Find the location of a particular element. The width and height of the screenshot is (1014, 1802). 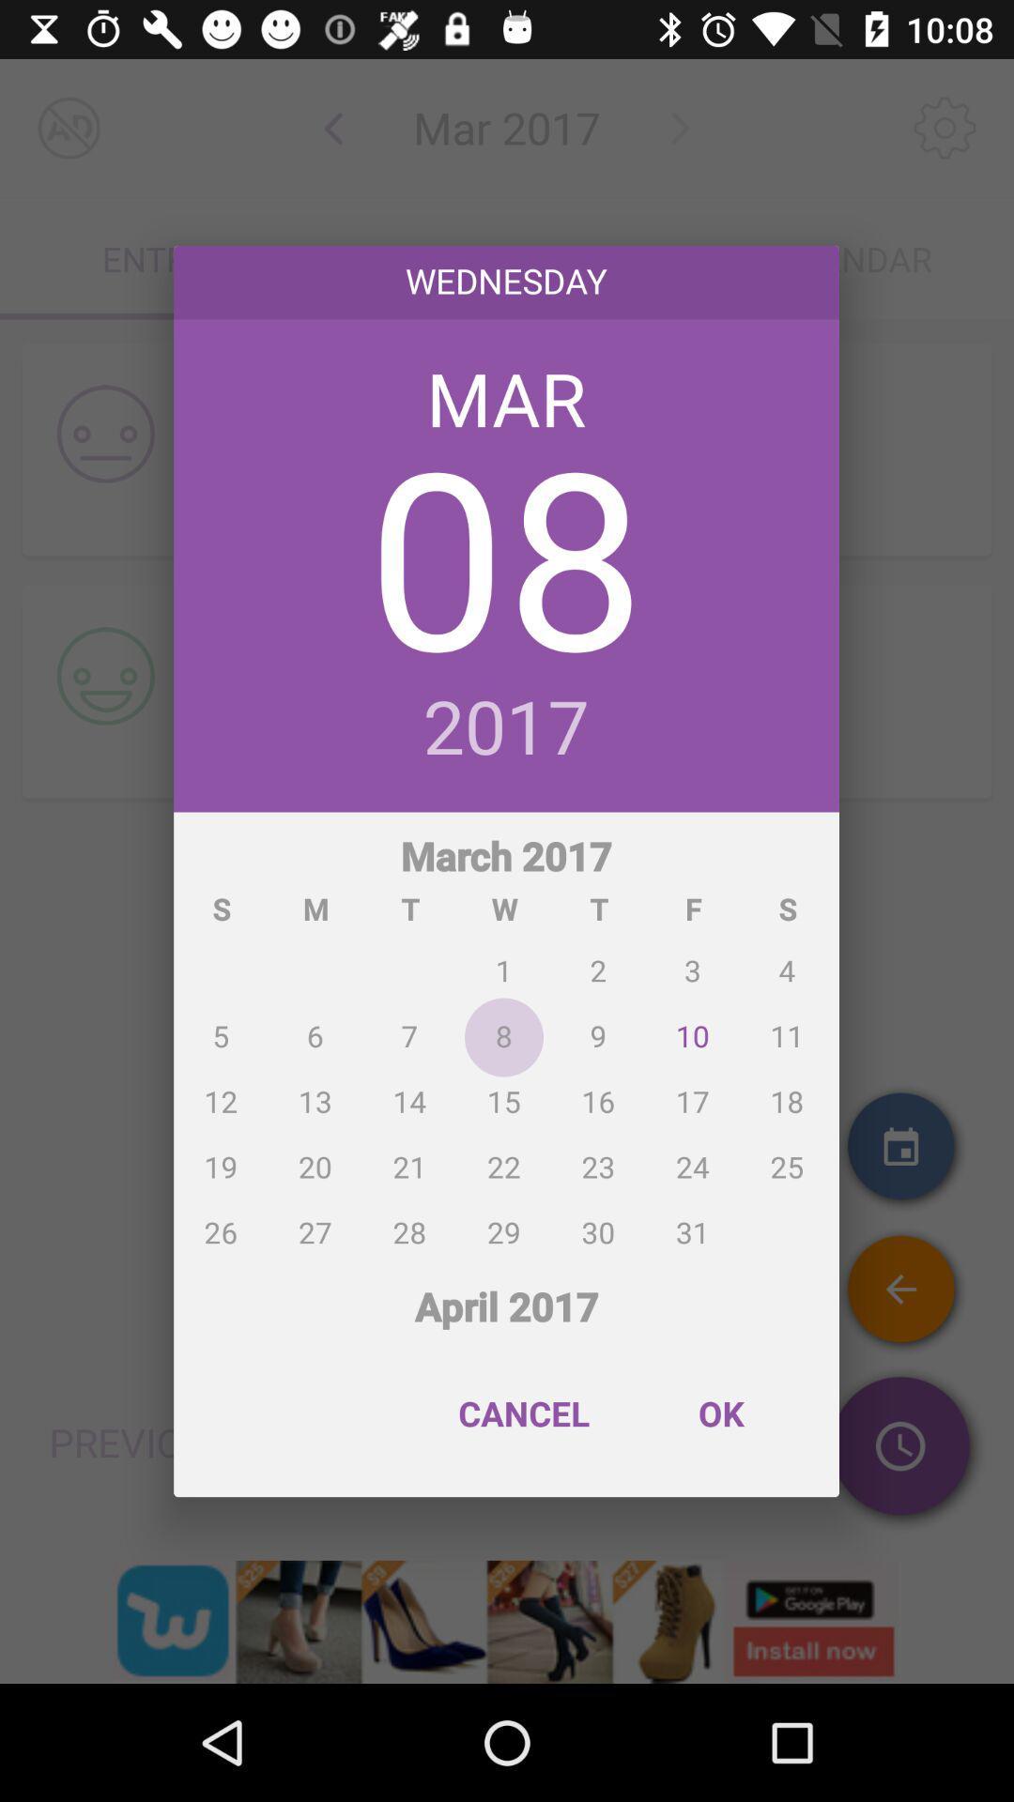

the 2017 icon is located at coordinates (505, 728).